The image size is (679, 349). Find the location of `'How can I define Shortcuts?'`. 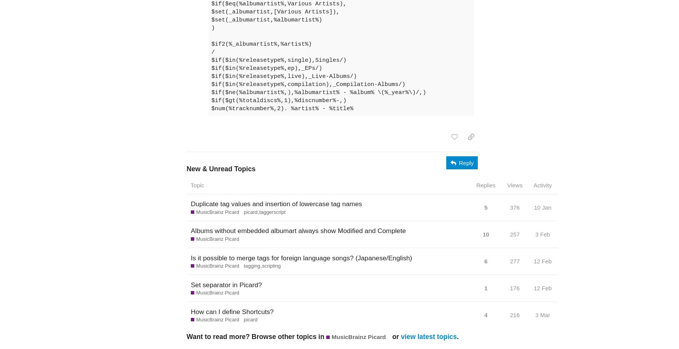

'How can I define Shortcuts?' is located at coordinates (232, 311).